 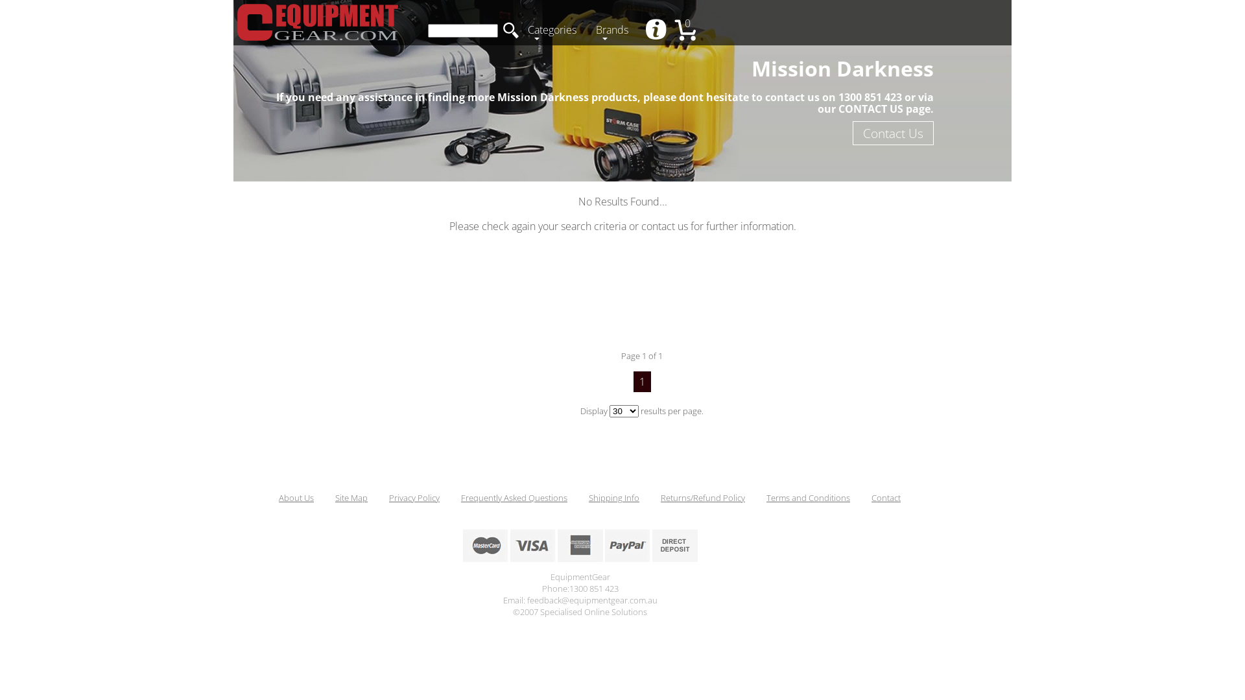 I want to click on 'Site Map', so click(x=335, y=496).